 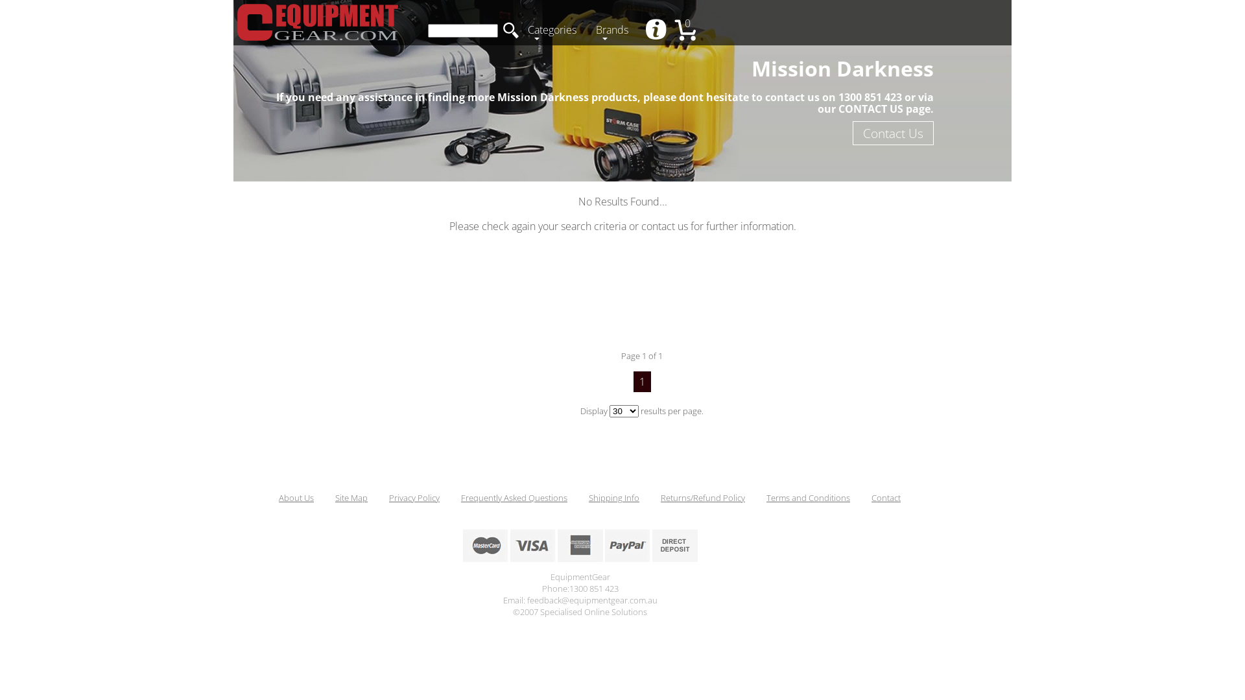 I want to click on 'Site Map', so click(x=335, y=496).